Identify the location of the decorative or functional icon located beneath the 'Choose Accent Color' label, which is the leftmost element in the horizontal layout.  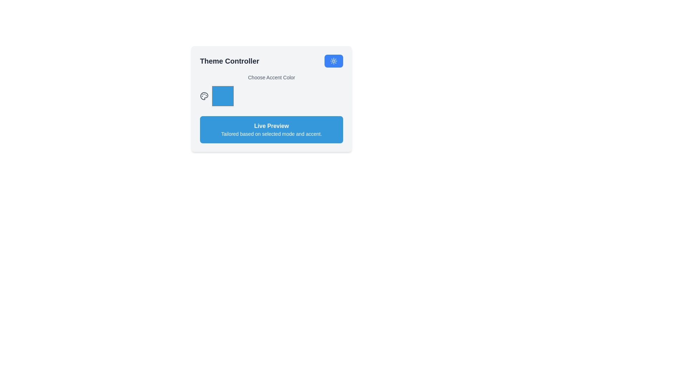
(204, 96).